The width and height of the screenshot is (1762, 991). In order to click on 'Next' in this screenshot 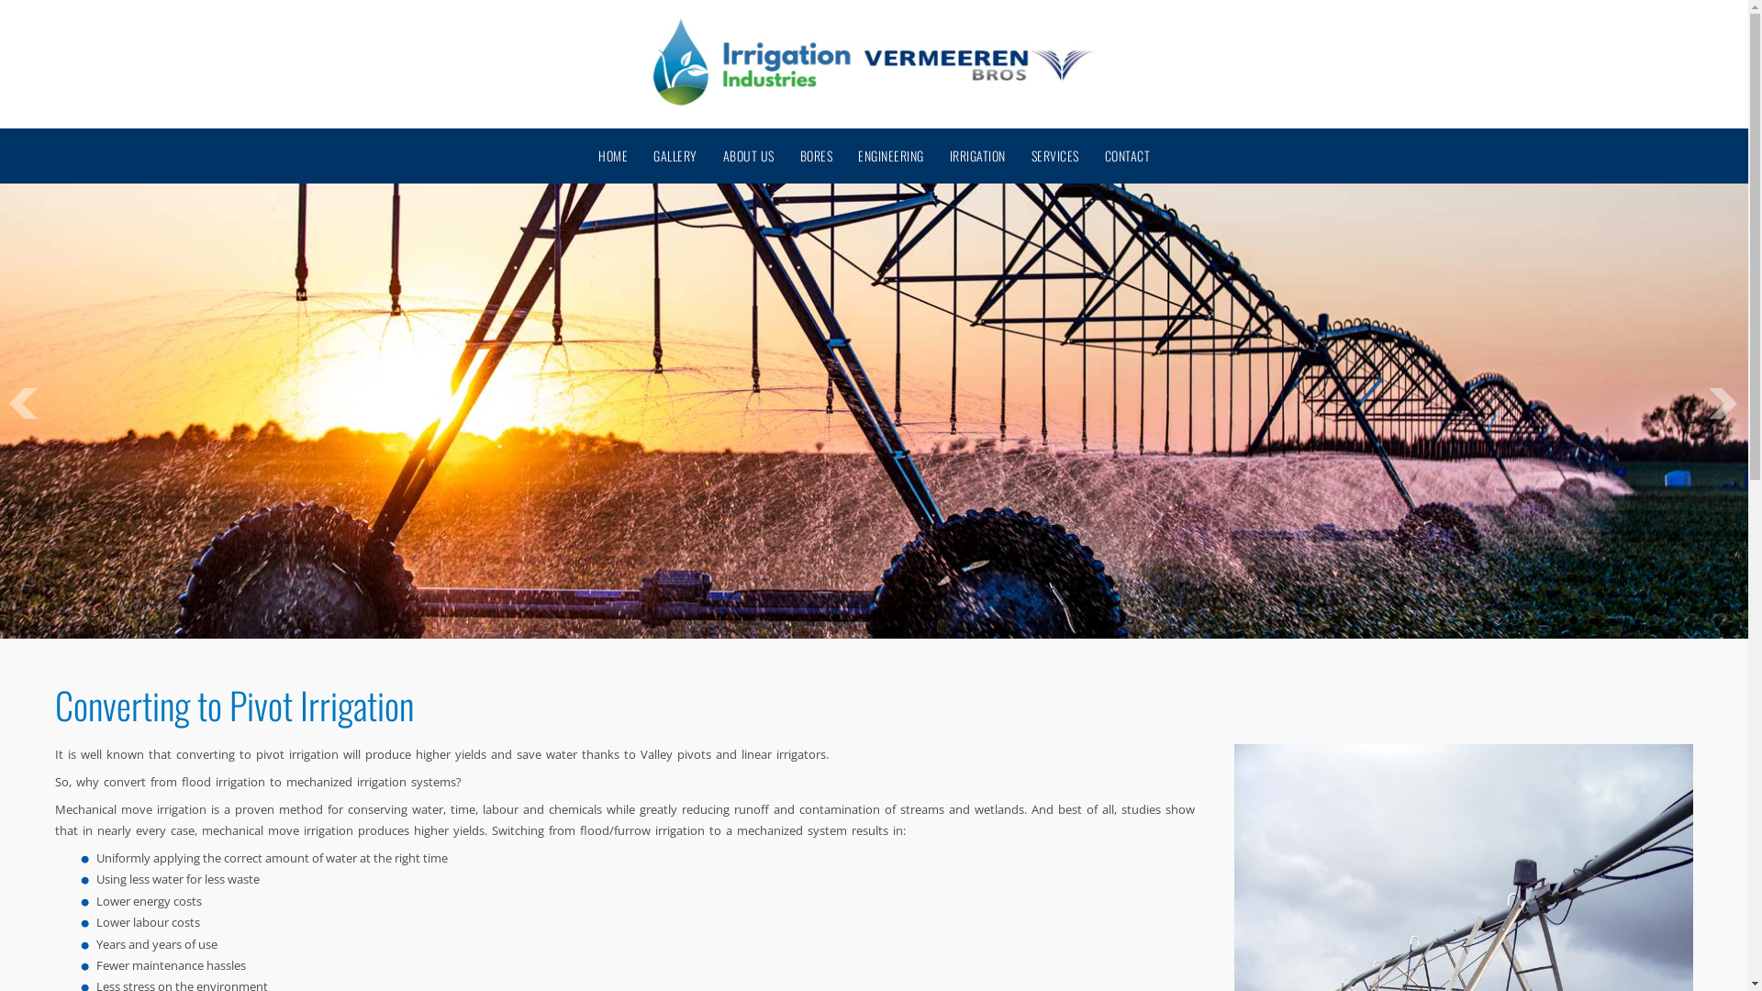, I will do `click(1708, 402)`.